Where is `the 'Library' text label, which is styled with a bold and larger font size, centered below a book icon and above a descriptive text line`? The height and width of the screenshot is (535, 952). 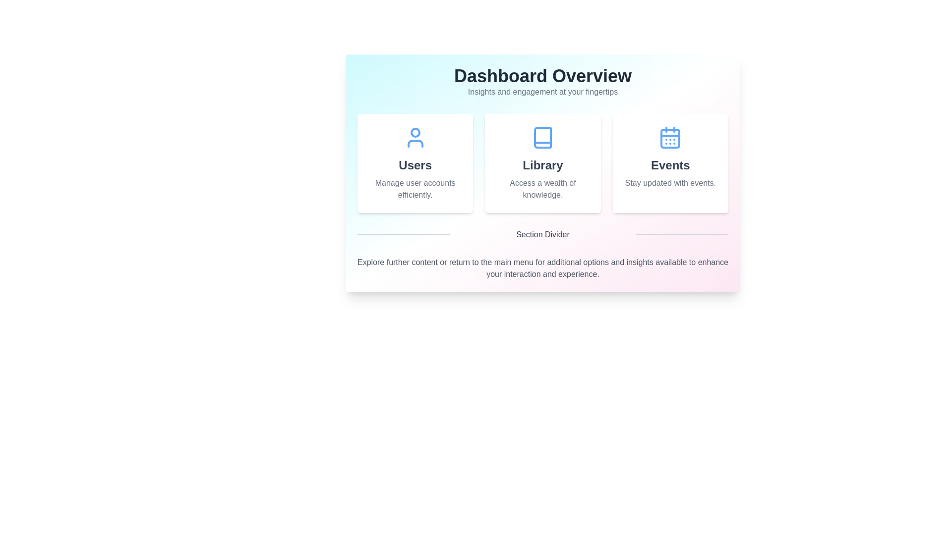 the 'Library' text label, which is styled with a bold and larger font size, centered below a book icon and above a descriptive text line is located at coordinates (542, 165).